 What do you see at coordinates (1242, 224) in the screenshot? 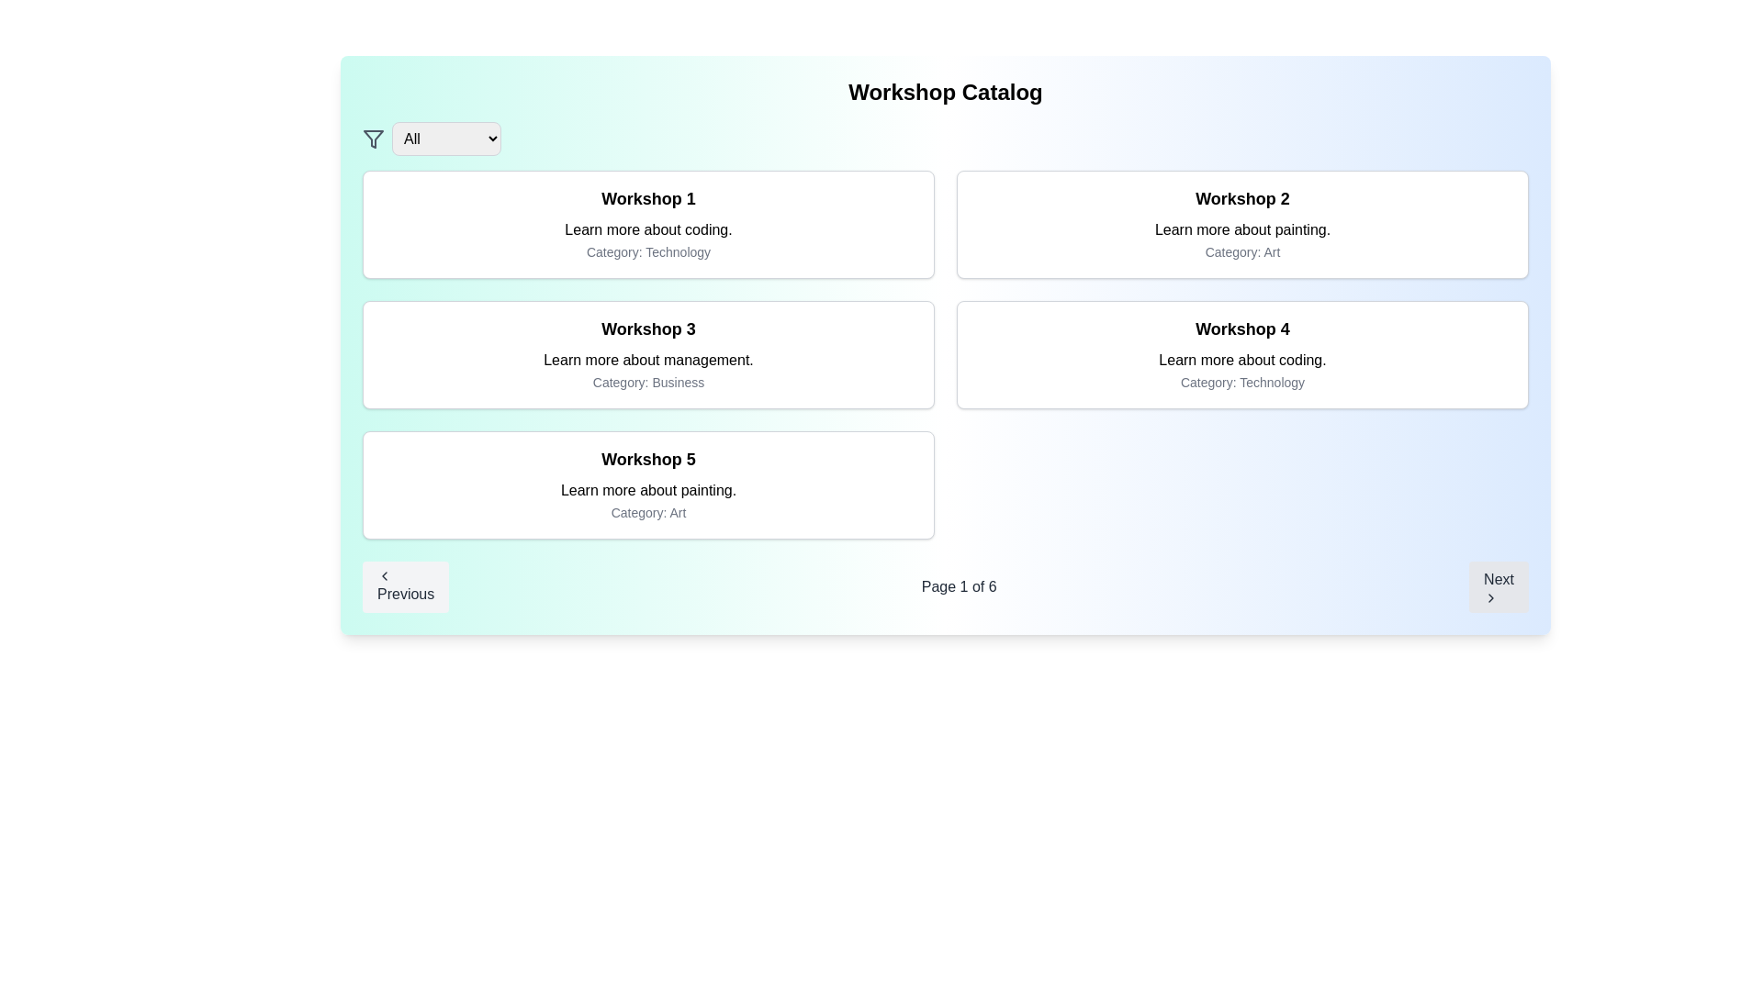
I see `the second Informational card in the workshop entry grid layout, which provides details about the workshop` at bounding box center [1242, 224].